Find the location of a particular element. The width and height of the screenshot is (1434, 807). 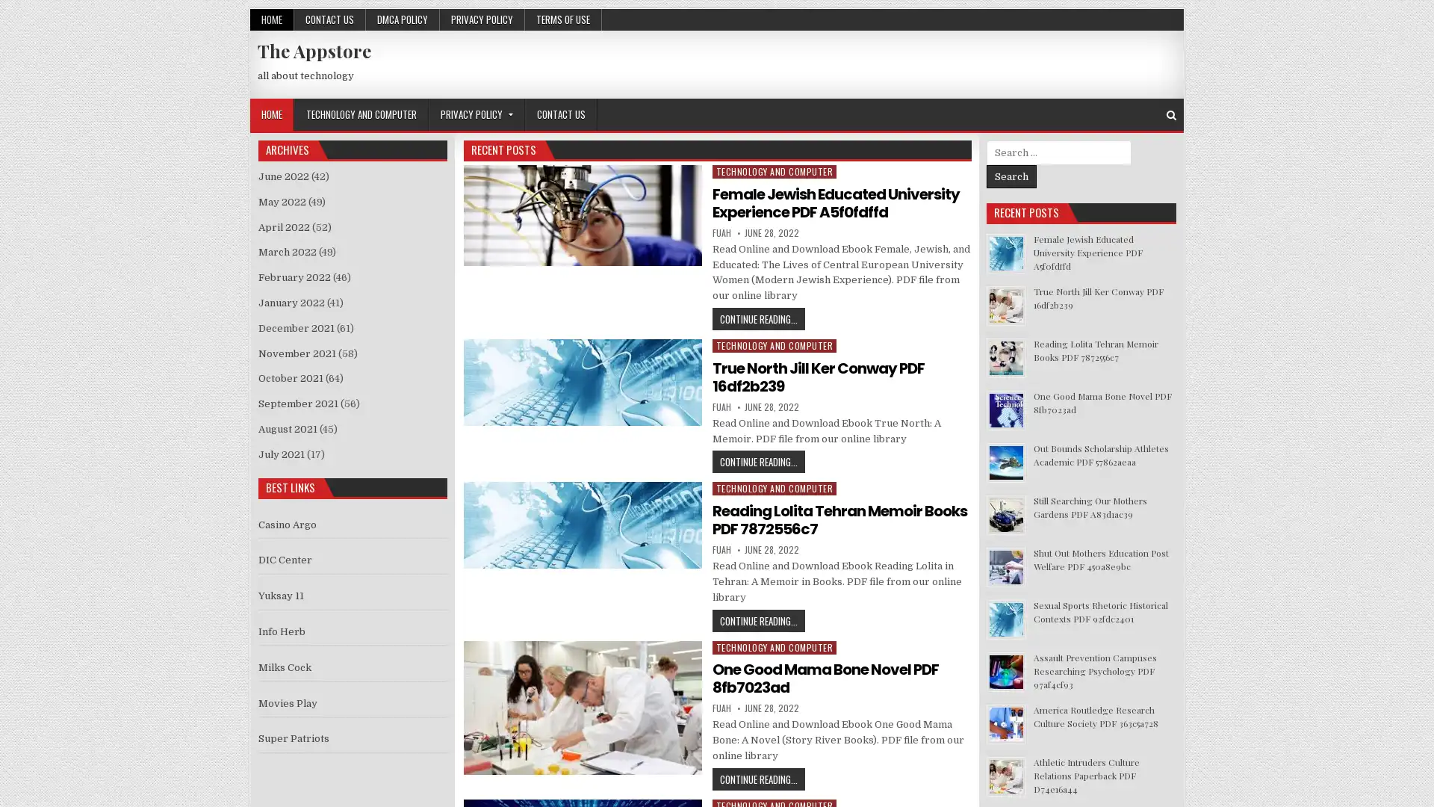

Search is located at coordinates (1011, 176).